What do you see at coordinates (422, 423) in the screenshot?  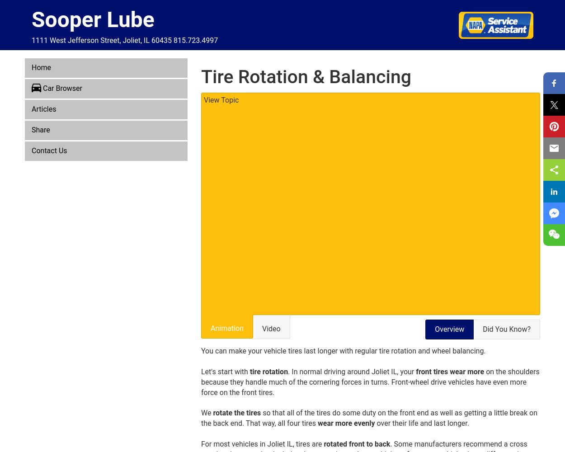 I see `'over their life and last longer.'` at bounding box center [422, 423].